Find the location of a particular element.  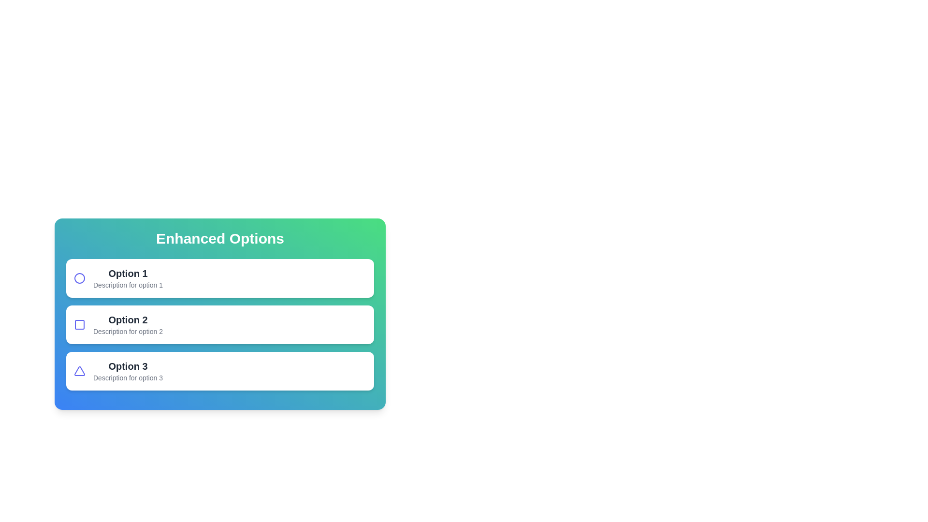

the text label that provides information for the first selectable option under the 'Enhanced Options' title is located at coordinates (127, 278).